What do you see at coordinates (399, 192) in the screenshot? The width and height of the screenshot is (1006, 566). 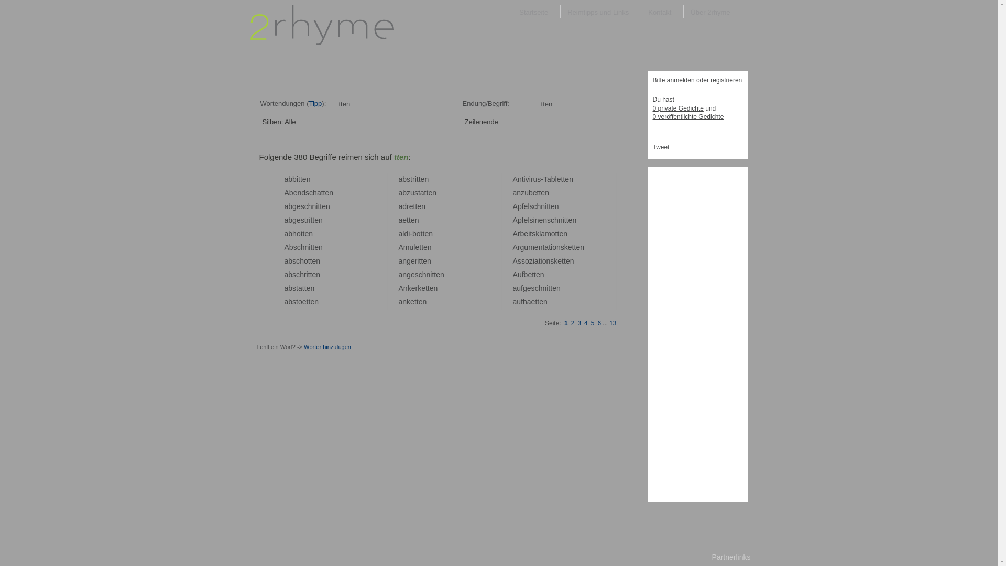 I see `'a'` at bounding box center [399, 192].